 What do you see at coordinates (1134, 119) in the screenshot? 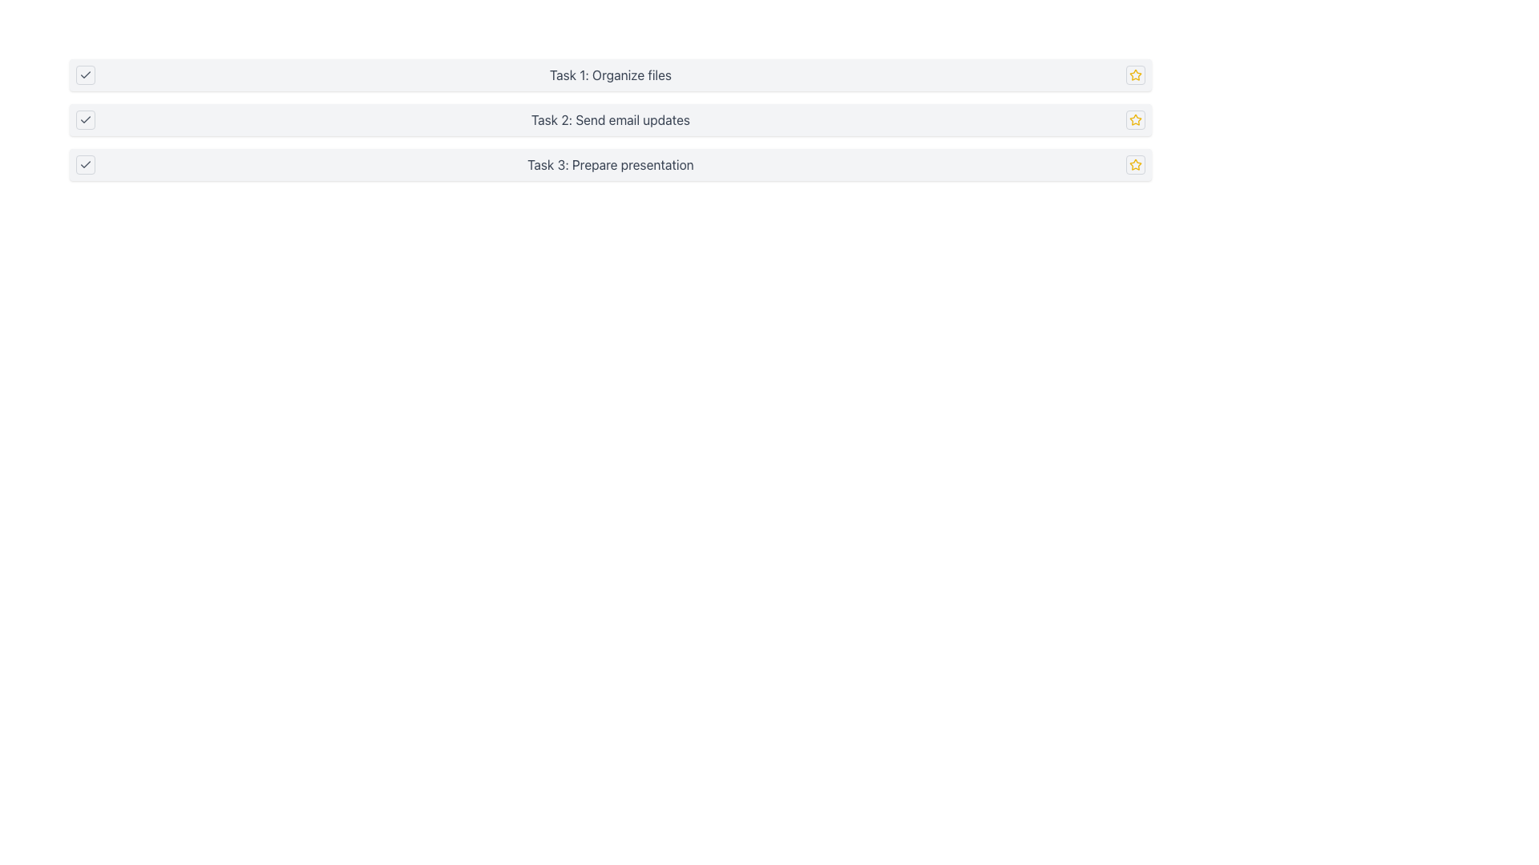
I see `the small yellow star icon located on the right side of the interface next to the third task item to mark it` at bounding box center [1134, 119].